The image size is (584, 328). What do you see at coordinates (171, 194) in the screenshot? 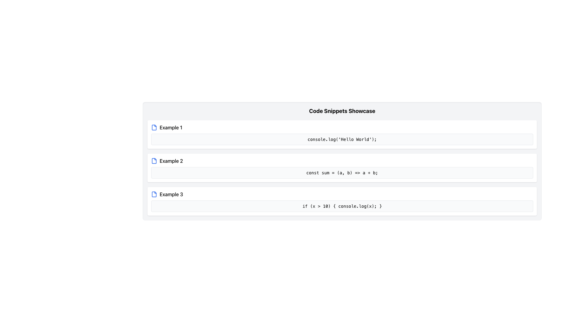
I see `text from the label displaying 'Example 3', which is styled in a medium-weight, clean, sans-serif font and positioned to the right of a blue-colored file icon` at bounding box center [171, 194].